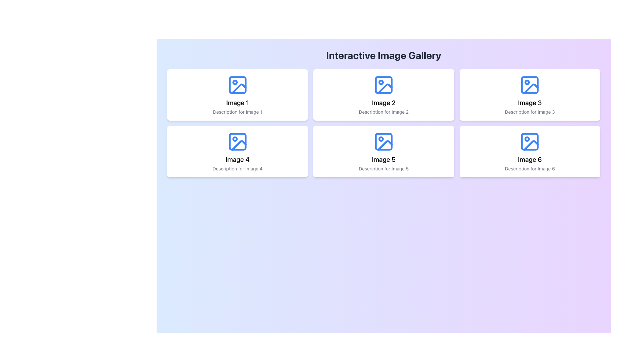  What do you see at coordinates (383, 55) in the screenshot?
I see `text of the central heading element that displays 'Interactive Image Gallery', which is styled in bold and large dark gray text at the top of the interface` at bounding box center [383, 55].